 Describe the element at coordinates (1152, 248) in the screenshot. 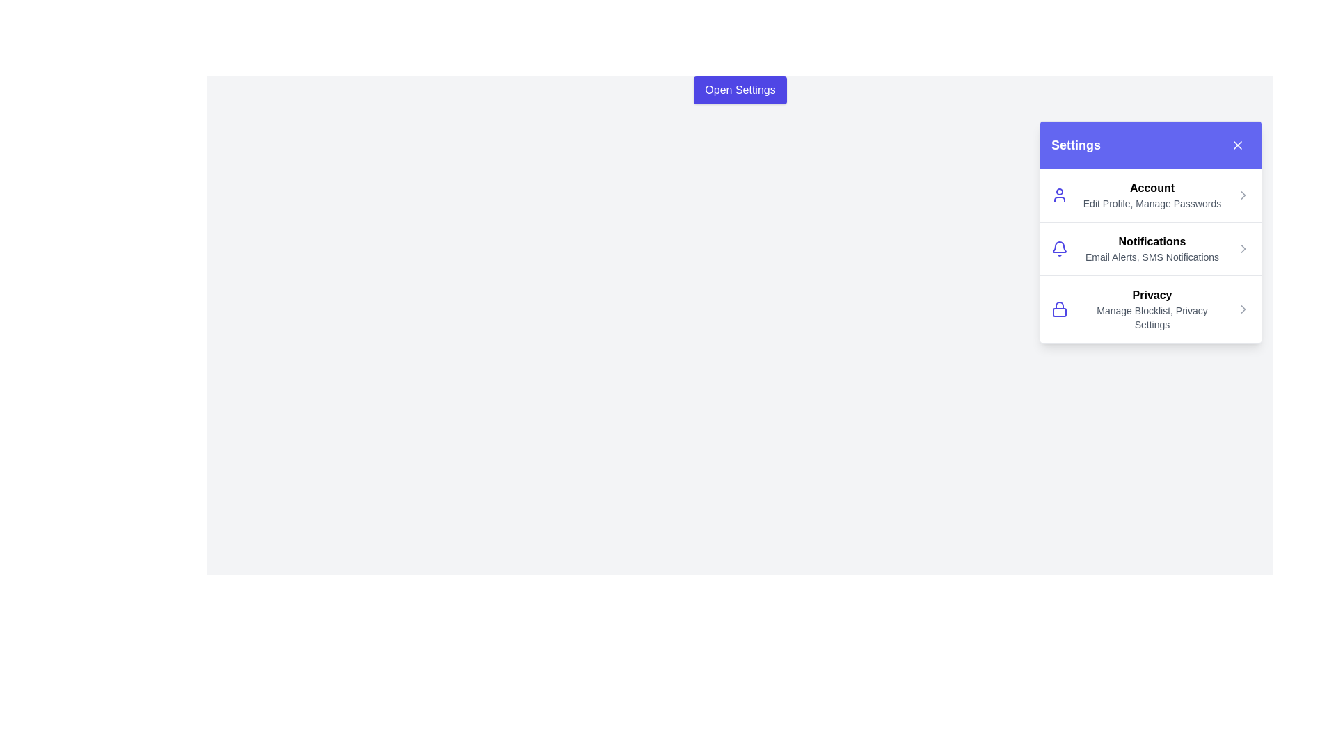

I see `the textual label that provides navigation or information about the notifications settings, located in the settings menu under 'Settings', positioned between 'Account' and 'Privacy'` at that location.